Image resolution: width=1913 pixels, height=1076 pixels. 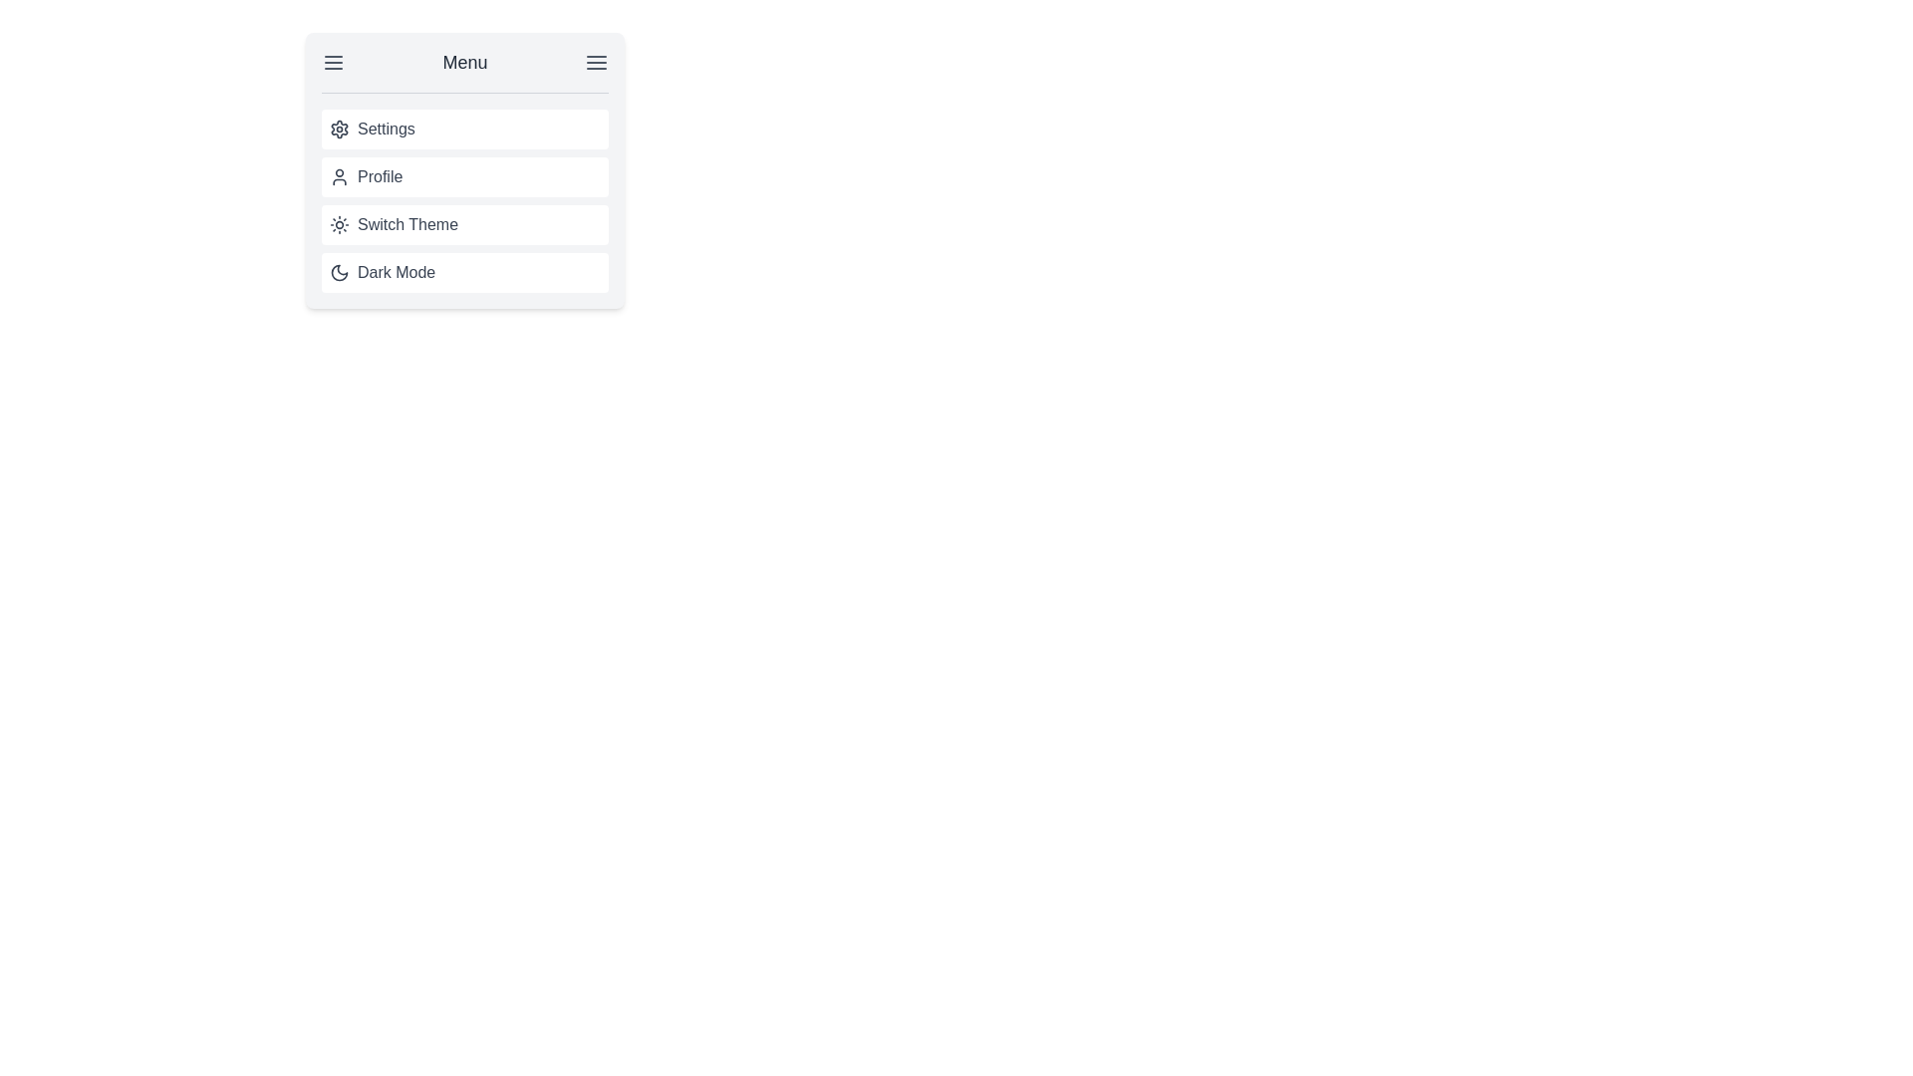 I want to click on the theme toggle button located between the 'Profile' and 'Dark Mode' items in the menu to switch the theme, so click(x=463, y=224).